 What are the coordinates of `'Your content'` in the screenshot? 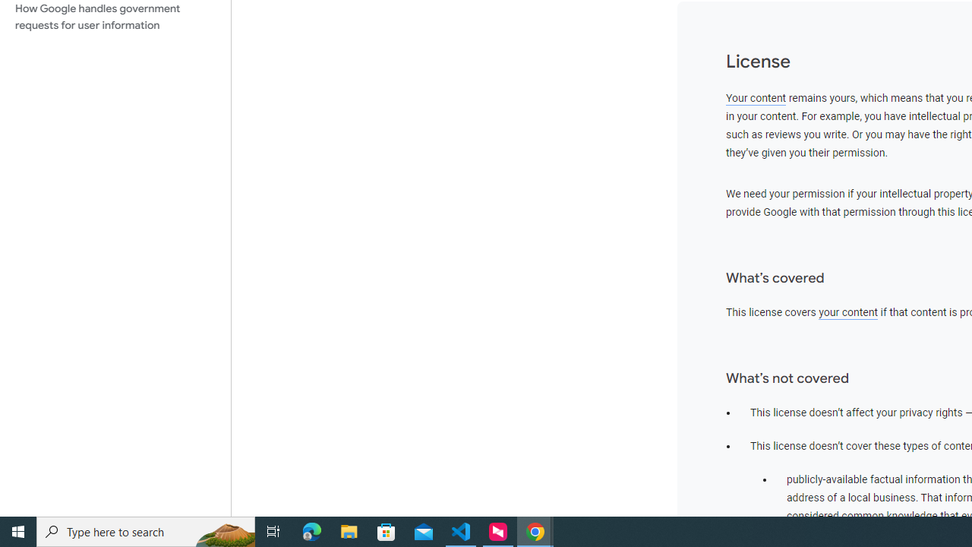 It's located at (756, 98).